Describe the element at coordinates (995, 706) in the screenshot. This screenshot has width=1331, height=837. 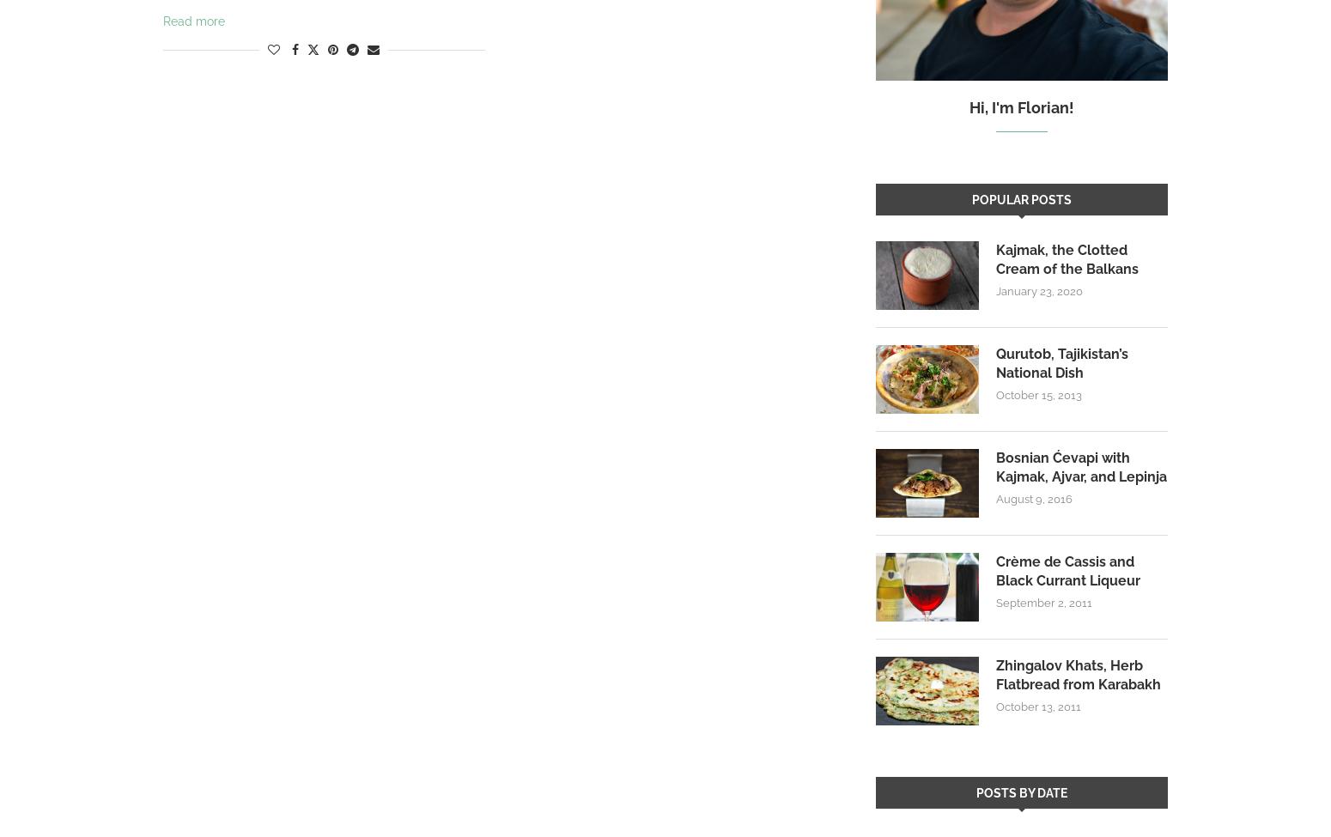
I see `'October 13, 2011'` at that location.